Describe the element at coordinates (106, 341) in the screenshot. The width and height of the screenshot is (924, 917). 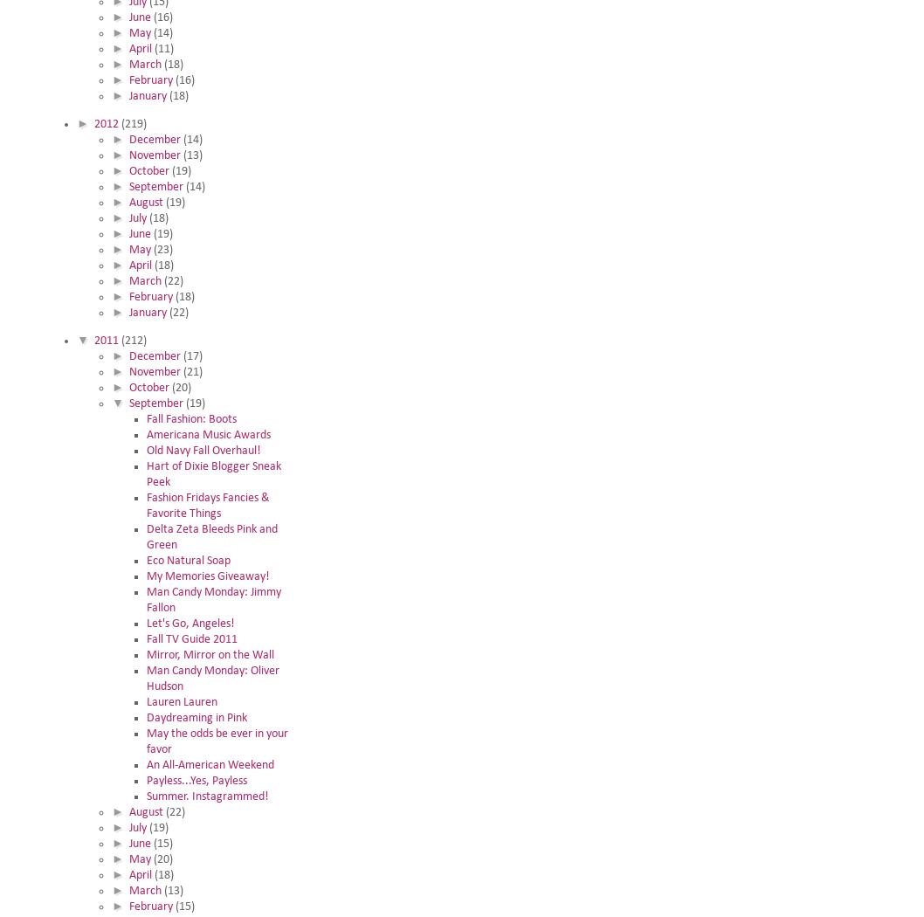
I see `'2011'` at that location.